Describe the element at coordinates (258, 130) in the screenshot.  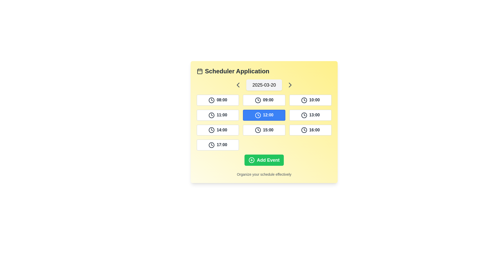
I see `the clock icon located within the button labeled '15:00' in the Scheduler Application` at that location.